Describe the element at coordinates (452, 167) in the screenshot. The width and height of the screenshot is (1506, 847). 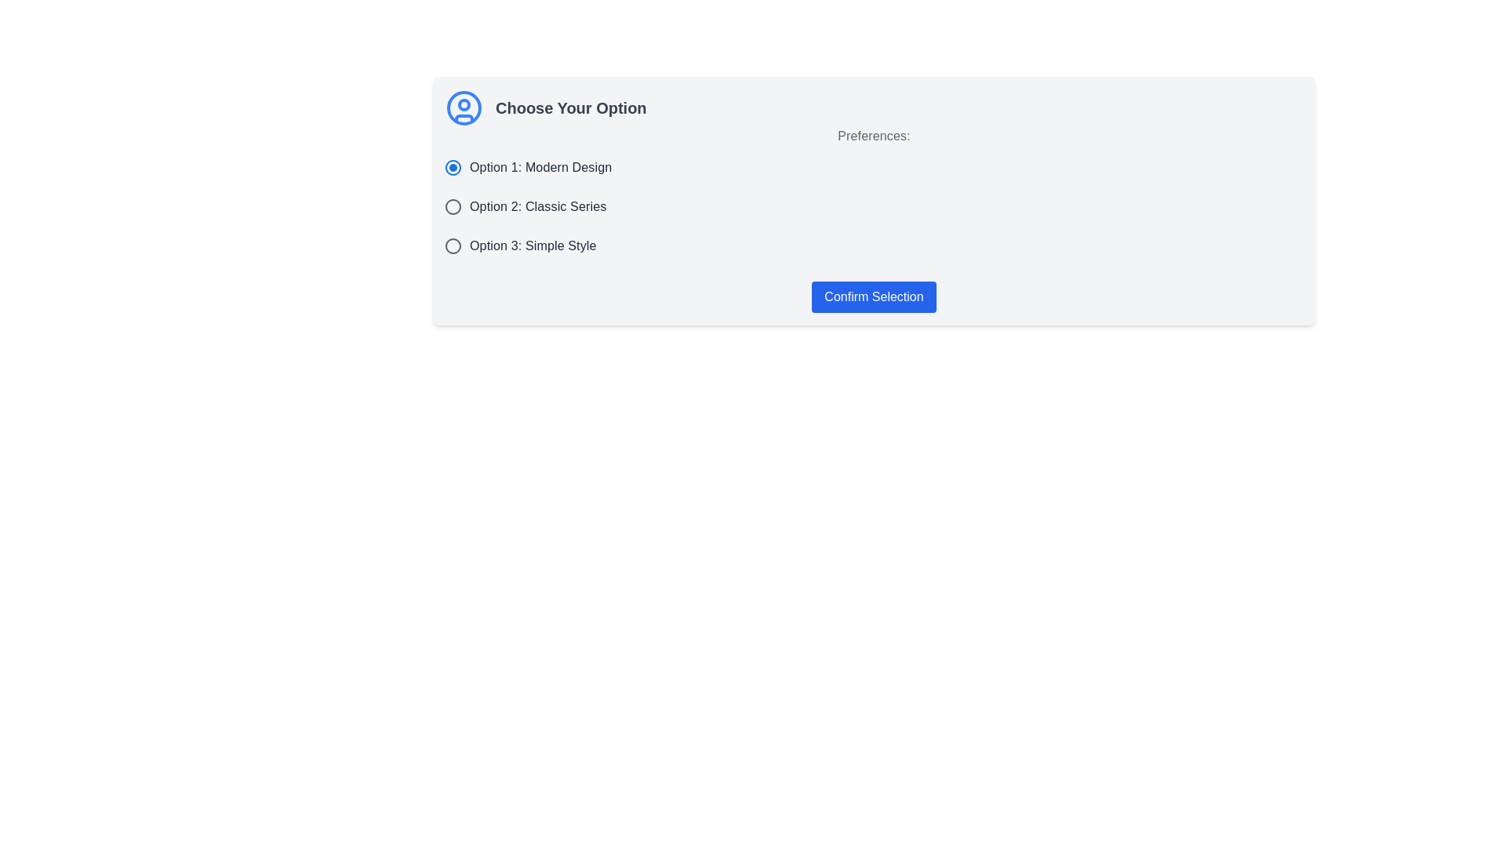
I see `the circular radio button with a blue outer ring and dot next to the text 'Option 1: Modern Design'` at that location.